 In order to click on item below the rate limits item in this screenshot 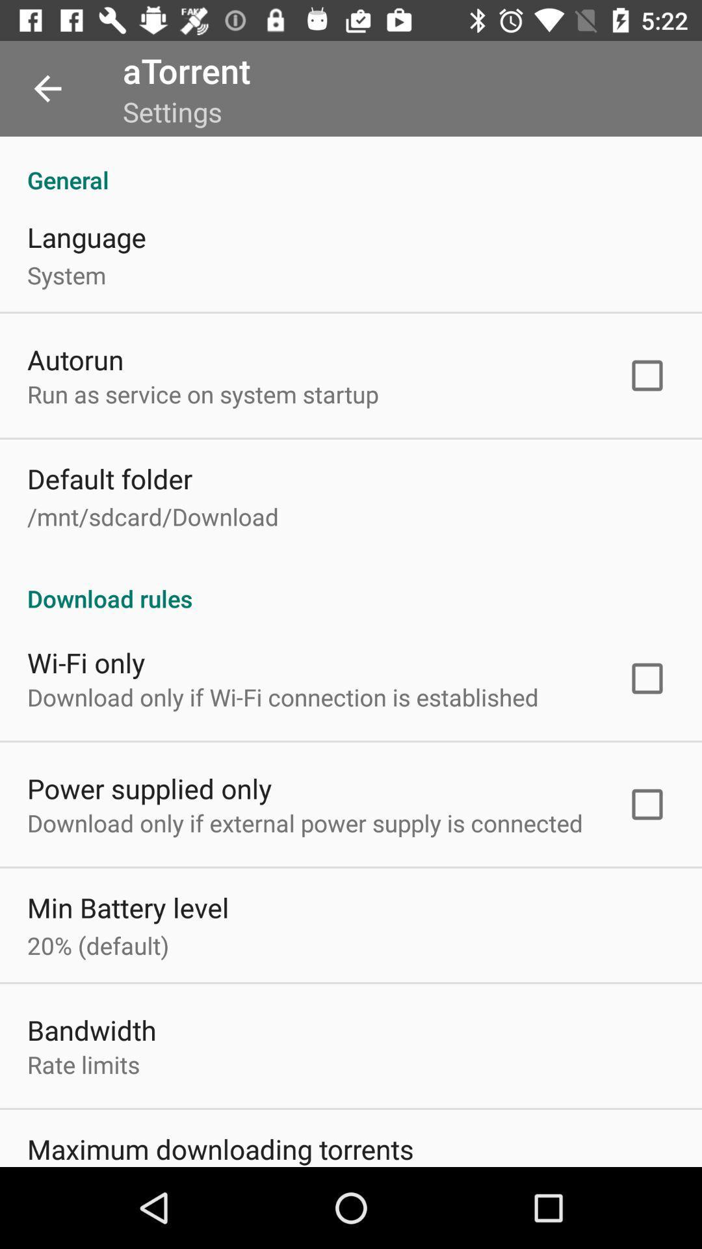, I will do `click(220, 1148)`.